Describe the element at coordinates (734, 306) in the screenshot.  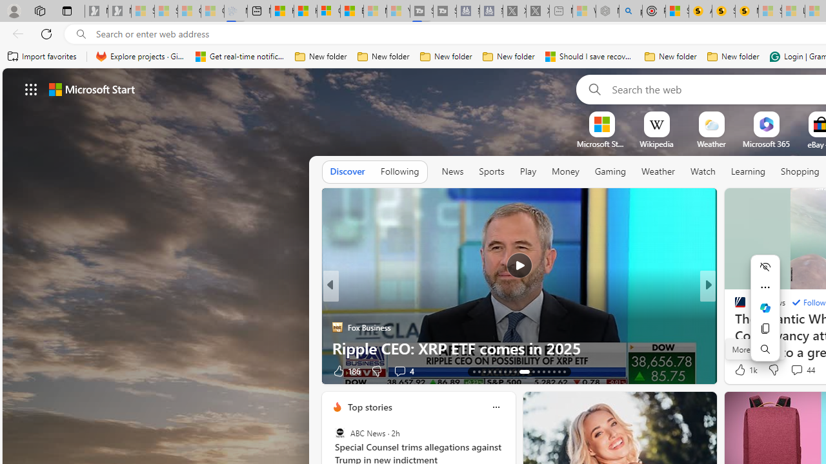
I see `'USA TODAY'` at that location.